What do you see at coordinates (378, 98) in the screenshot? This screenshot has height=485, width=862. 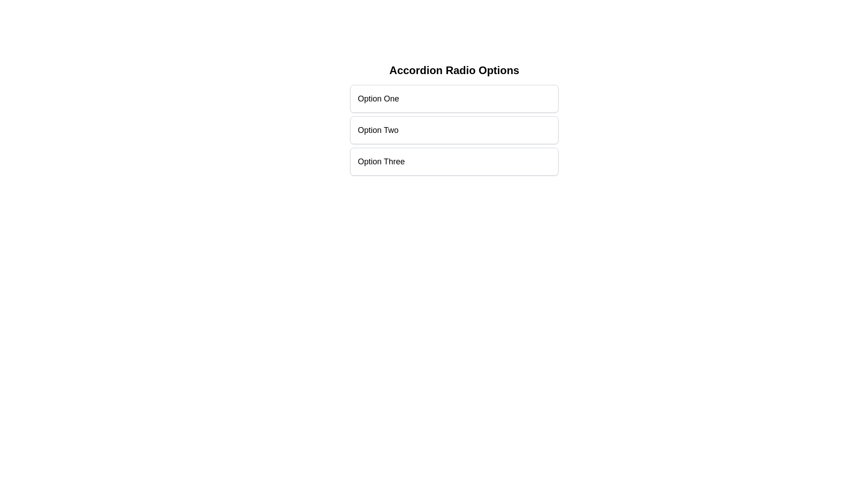 I see `the text element that identifies the first option in the 'Accordion Radio Options' list, positioned at the top of the list` at bounding box center [378, 98].